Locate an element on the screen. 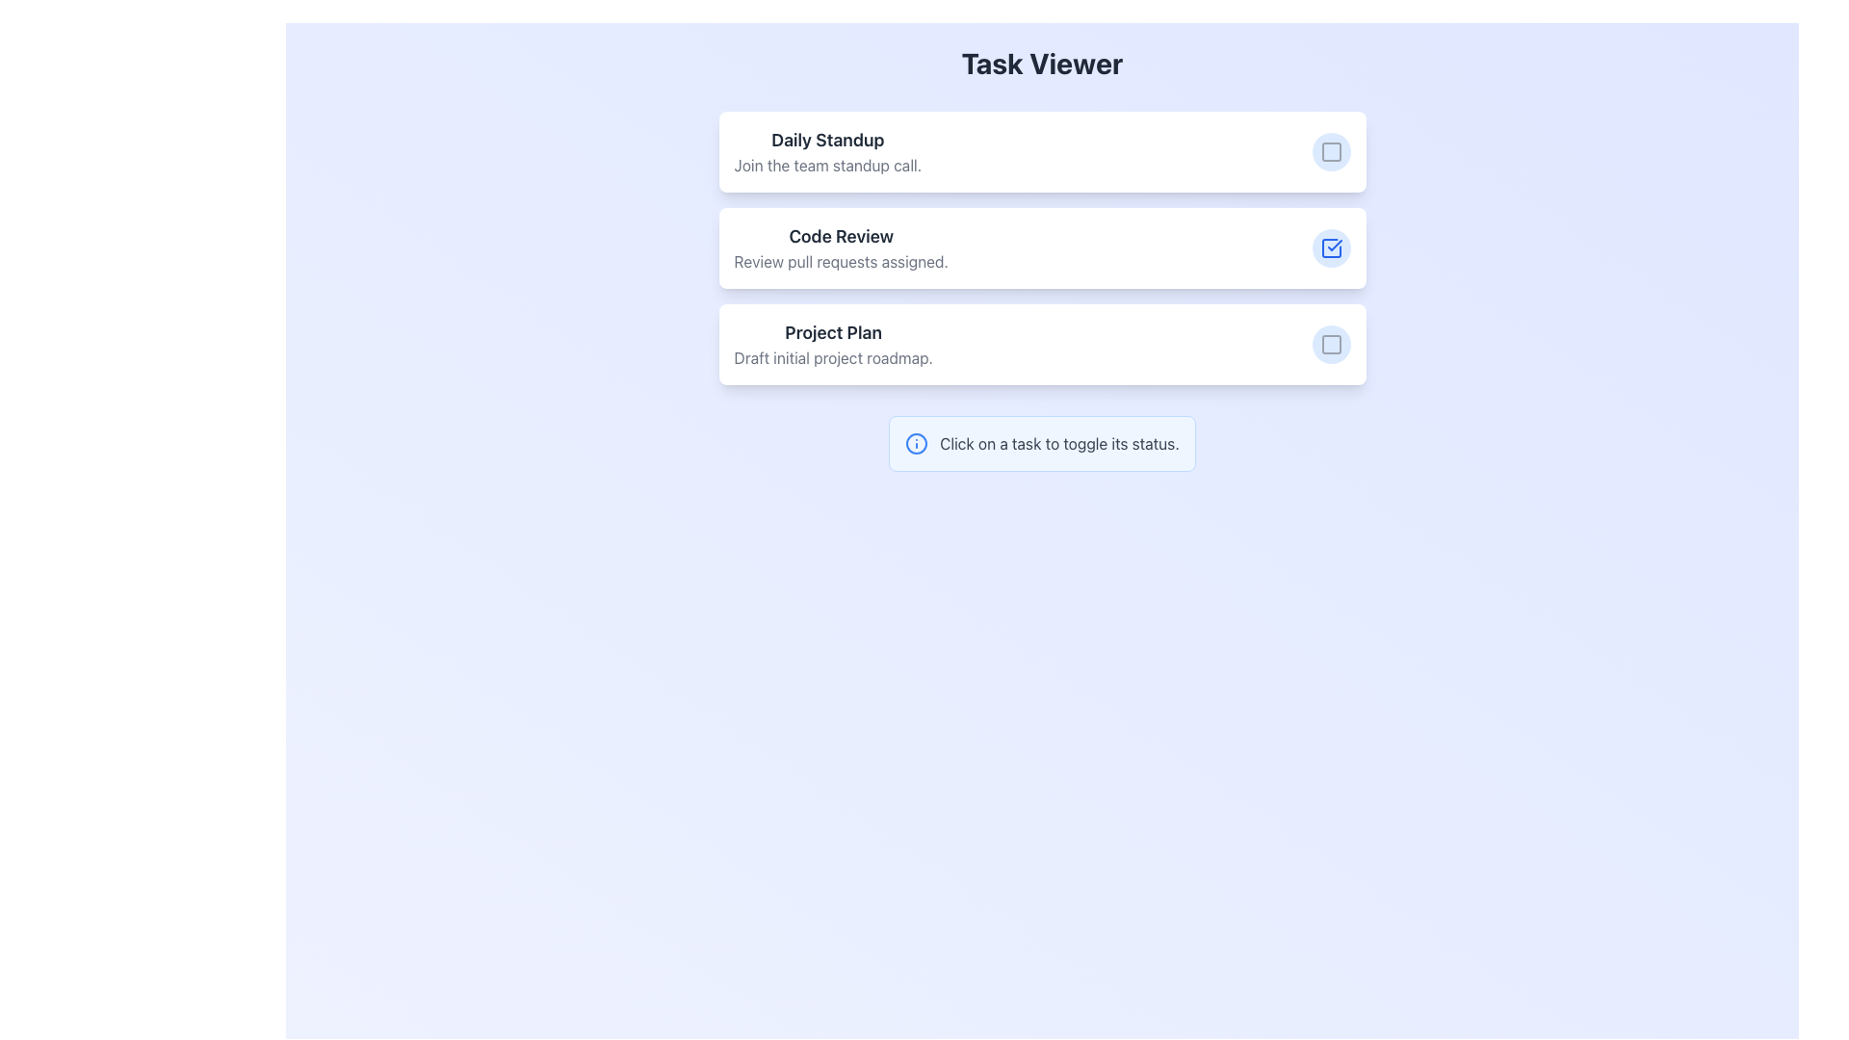 This screenshot has height=1040, width=1849. the circular button with a light blue background and a blue checkmark icon to visualize the hover effect is located at coordinates (1330, 247).